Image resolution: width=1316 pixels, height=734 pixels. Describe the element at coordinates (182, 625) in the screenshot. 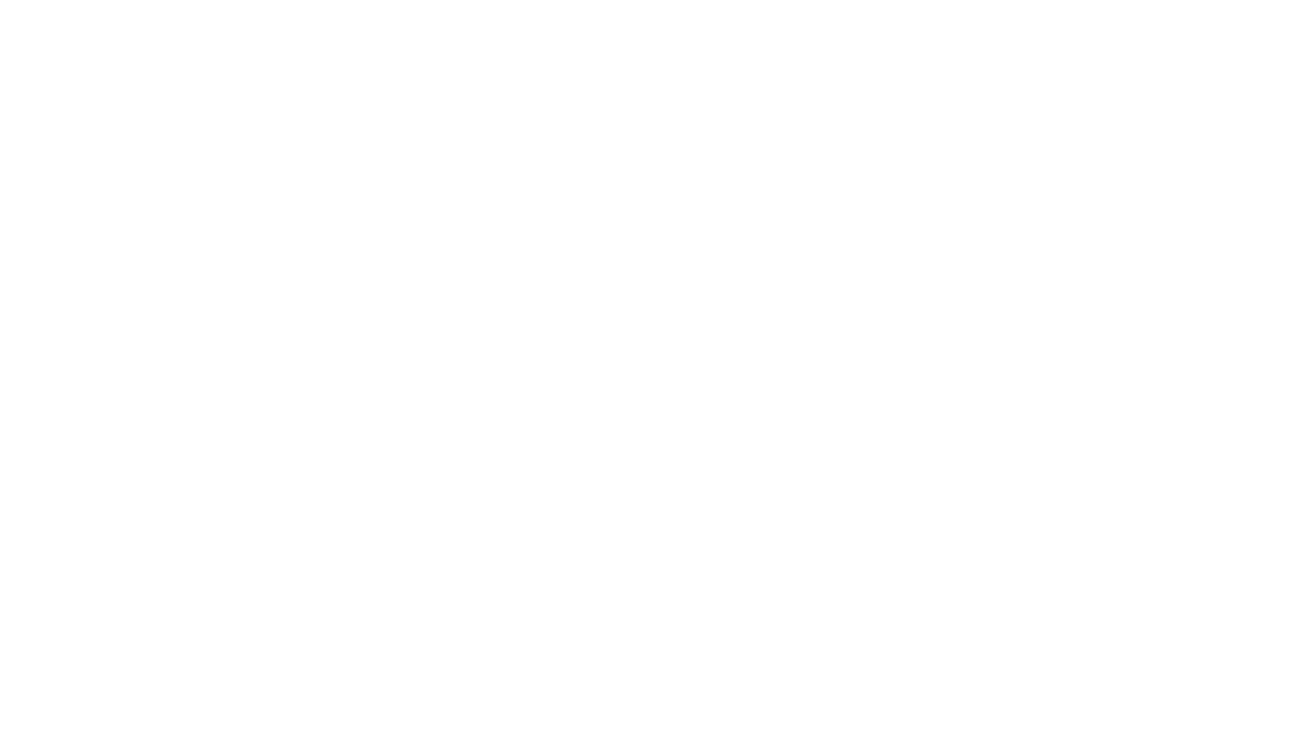

I see `'The Heart Hospital of New Mexico at Lovelace Medical Center'` at that location.